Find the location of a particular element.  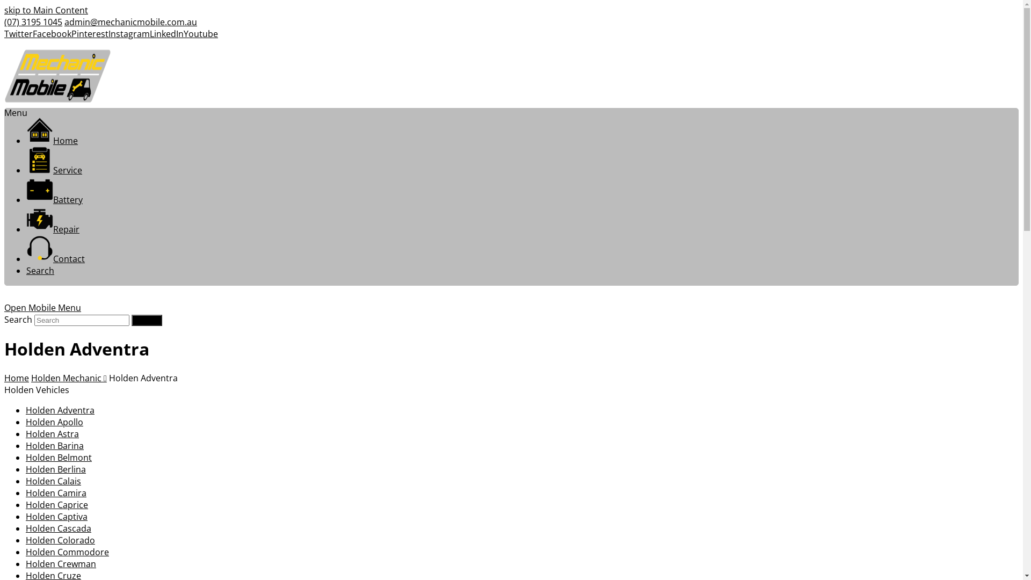

'Holden Astra' is located at coordinates (52, 433).